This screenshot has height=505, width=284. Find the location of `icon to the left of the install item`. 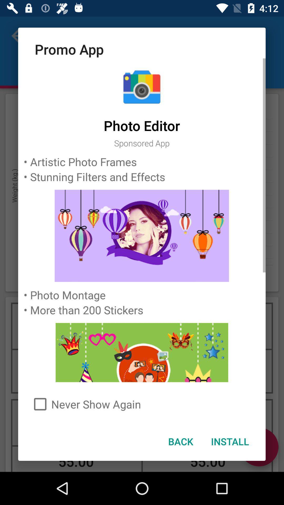

icon to the left of the install item is located at coordinates (180, 441).